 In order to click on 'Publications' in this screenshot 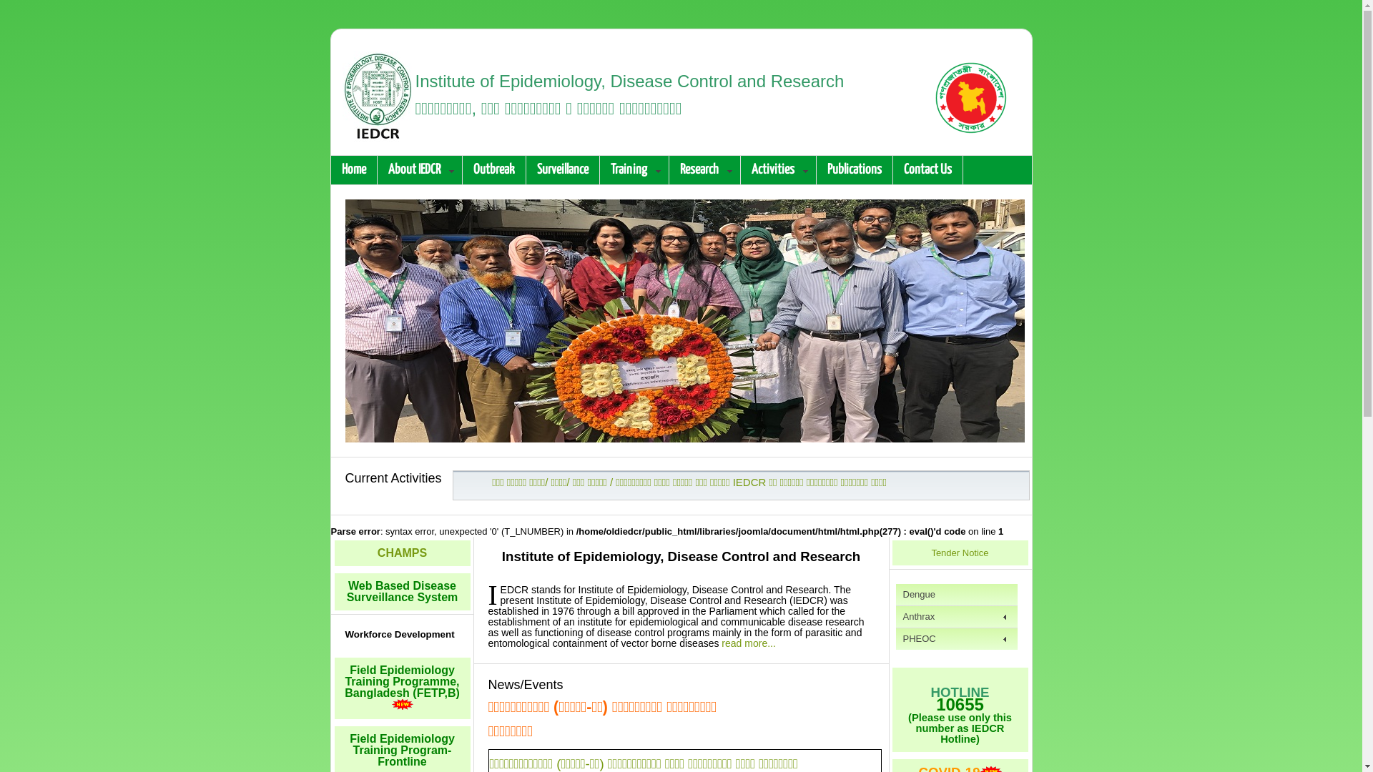, I will do `click(855, 169)`.